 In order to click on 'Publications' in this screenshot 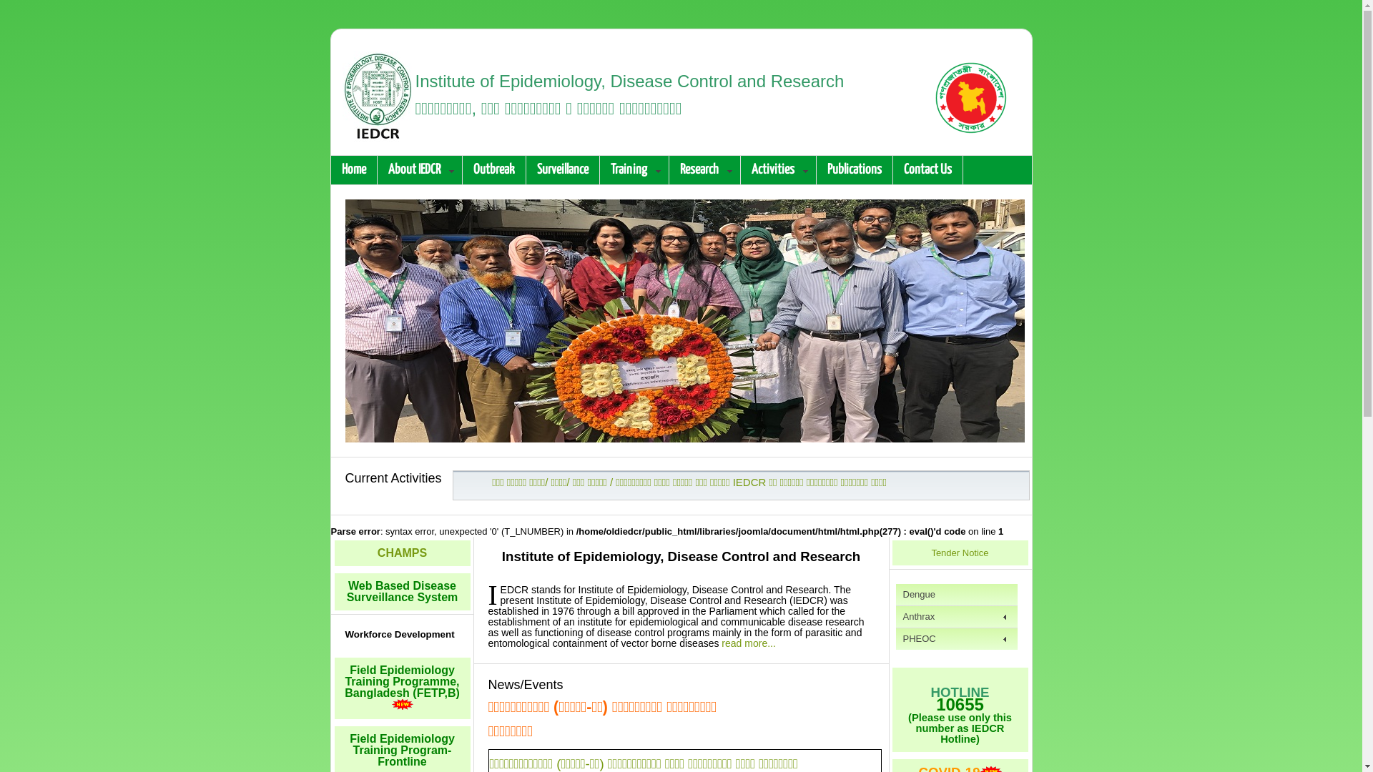, I will do `click(855, 169)`.